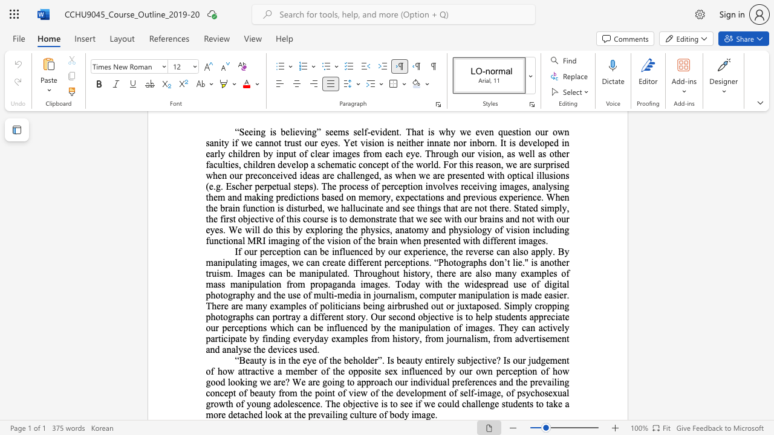 The image size is (774, 435). What do you see at coordinates (239, 393) in the screenshot?
I see `the subset text "of beauty from the point of view of the development of self-image, of psychosexual growth of young adolescence. The objective is to see if we could challenge students to take a more detached look at the prevailing" within the text "Beauty is in the eye of the beholder”. Is beauty entirely subjective? Is our judgement of how attractive a member of the opposite sex influenced by our own perception of how good looking we are? We are going to approach our individual preferences and the prevailing concept of beauty from the point of view of the development of self-image, of psychosexual growth of young adolescence. The objective is to see if we could challenge students to take a more detached look at the prevailing culture of body image."` at bounding box center [239, 393].